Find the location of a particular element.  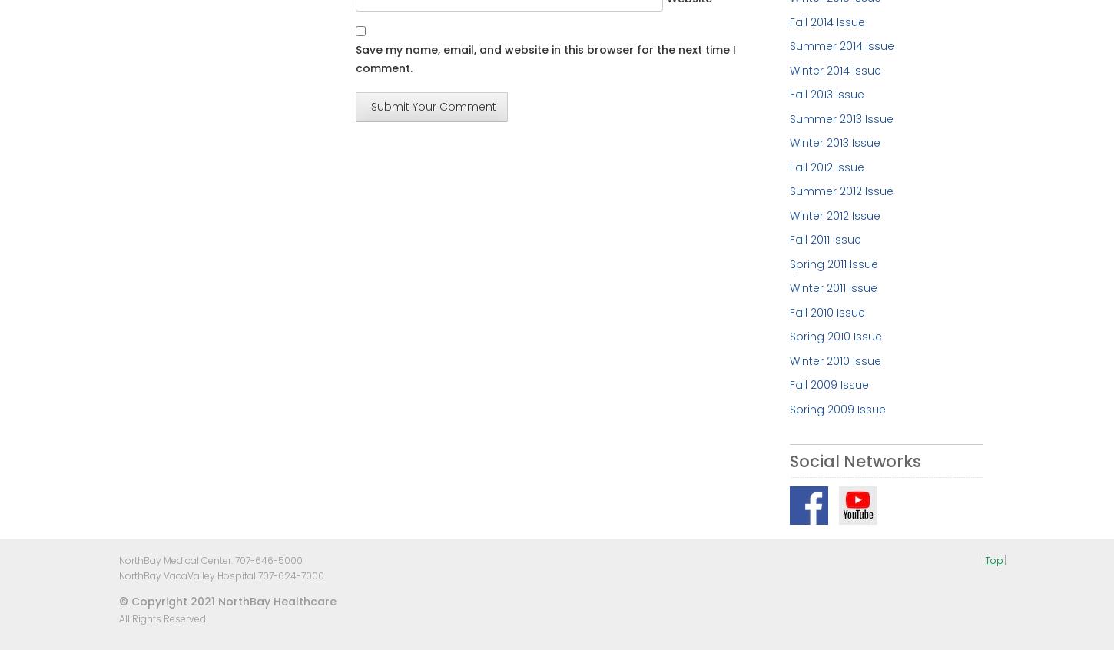

'Winter 2013 Issue' is located at coordinates (834, 142).